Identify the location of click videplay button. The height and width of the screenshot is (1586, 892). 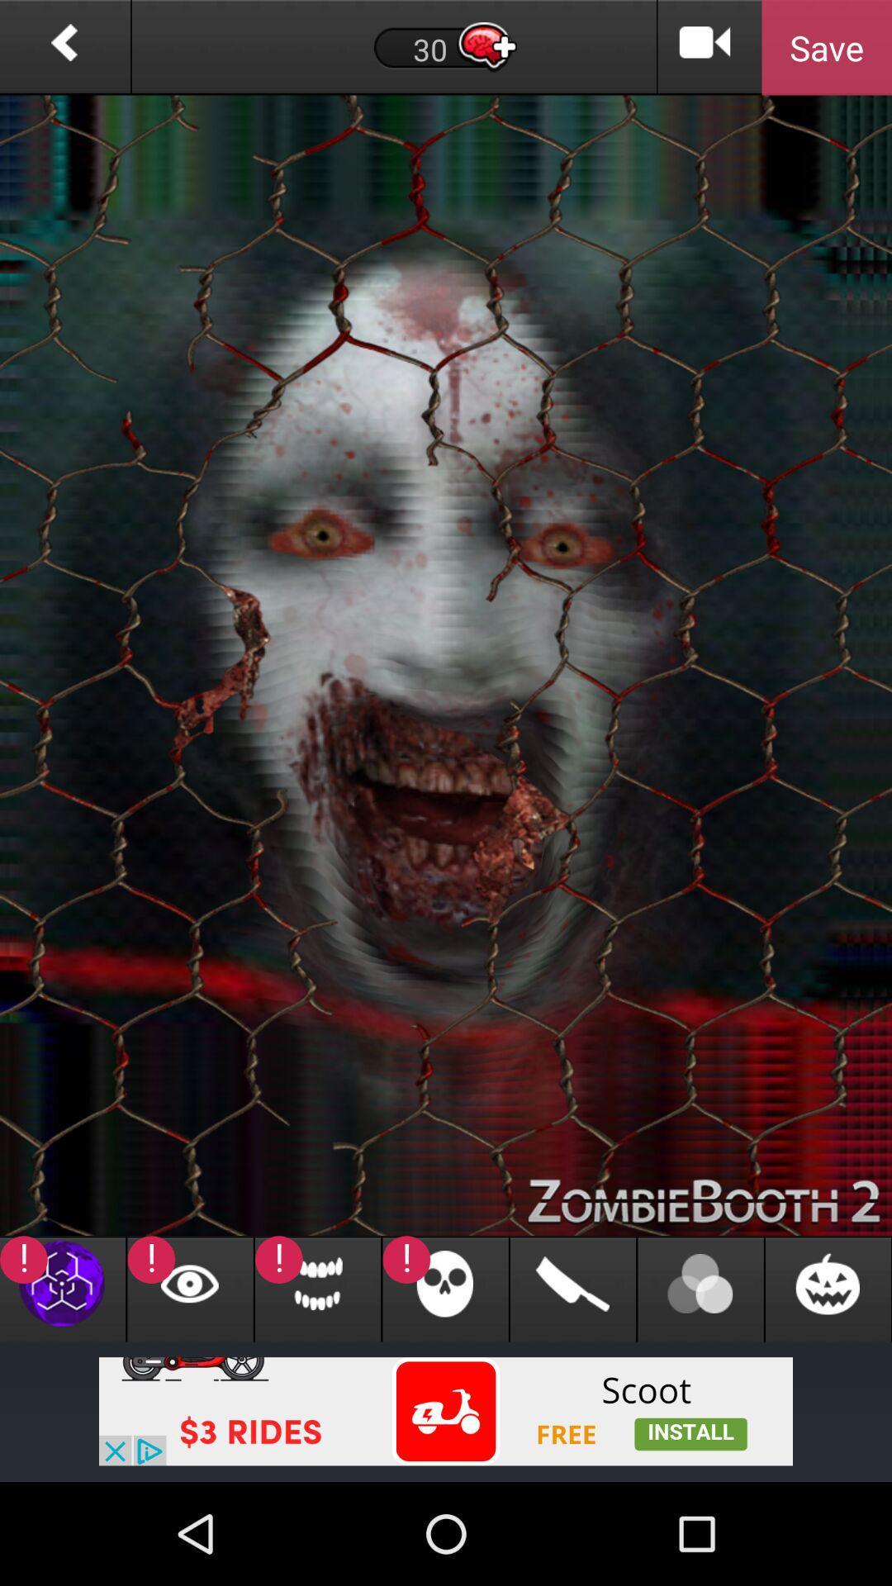
(705, 47).